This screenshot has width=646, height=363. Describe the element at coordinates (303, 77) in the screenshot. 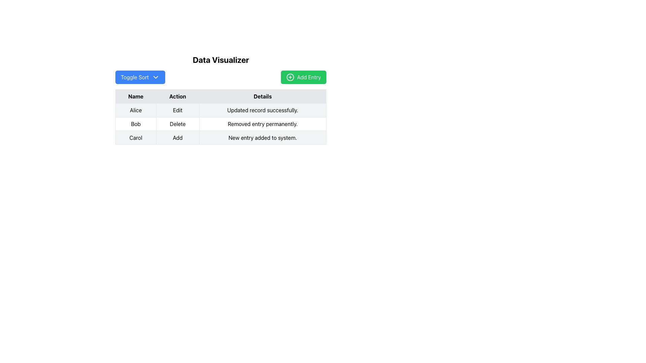

I see `the button located on the right side of the header section, adjacent to the 'Toggle Sort' button` at that location.